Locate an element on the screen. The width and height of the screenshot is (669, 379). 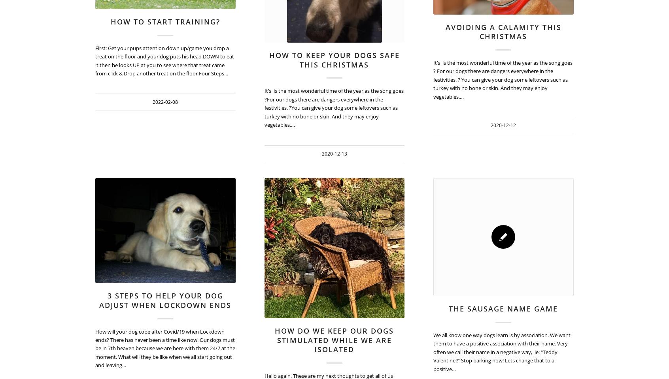
'How to keep your dogs safe this Christmas' is located at coordinates (334, 59).